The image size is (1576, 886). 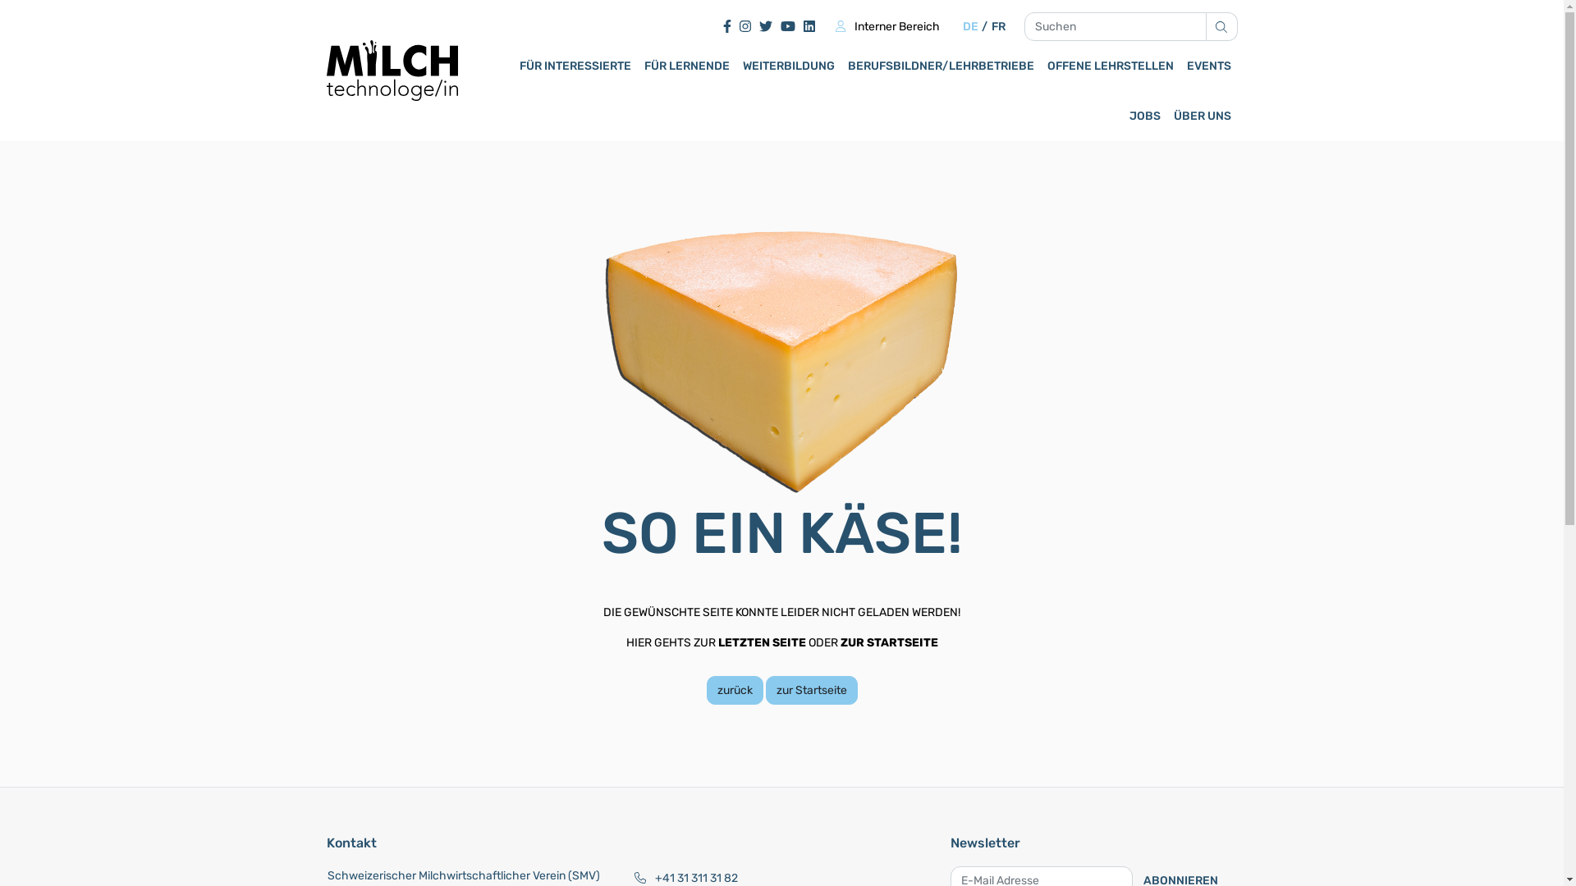 I want to click on 'JOBS', so click(x=1144, y=115).